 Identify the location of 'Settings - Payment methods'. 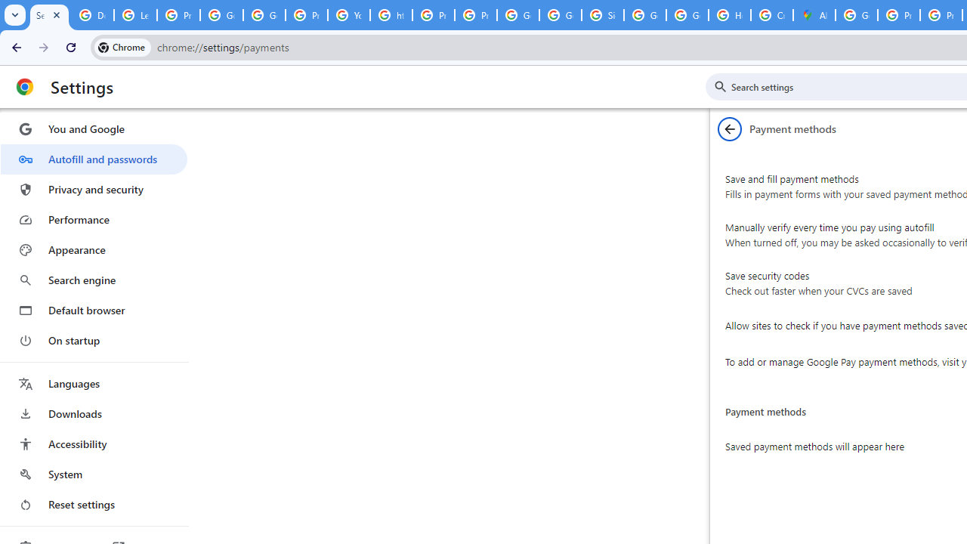
(49, 15).